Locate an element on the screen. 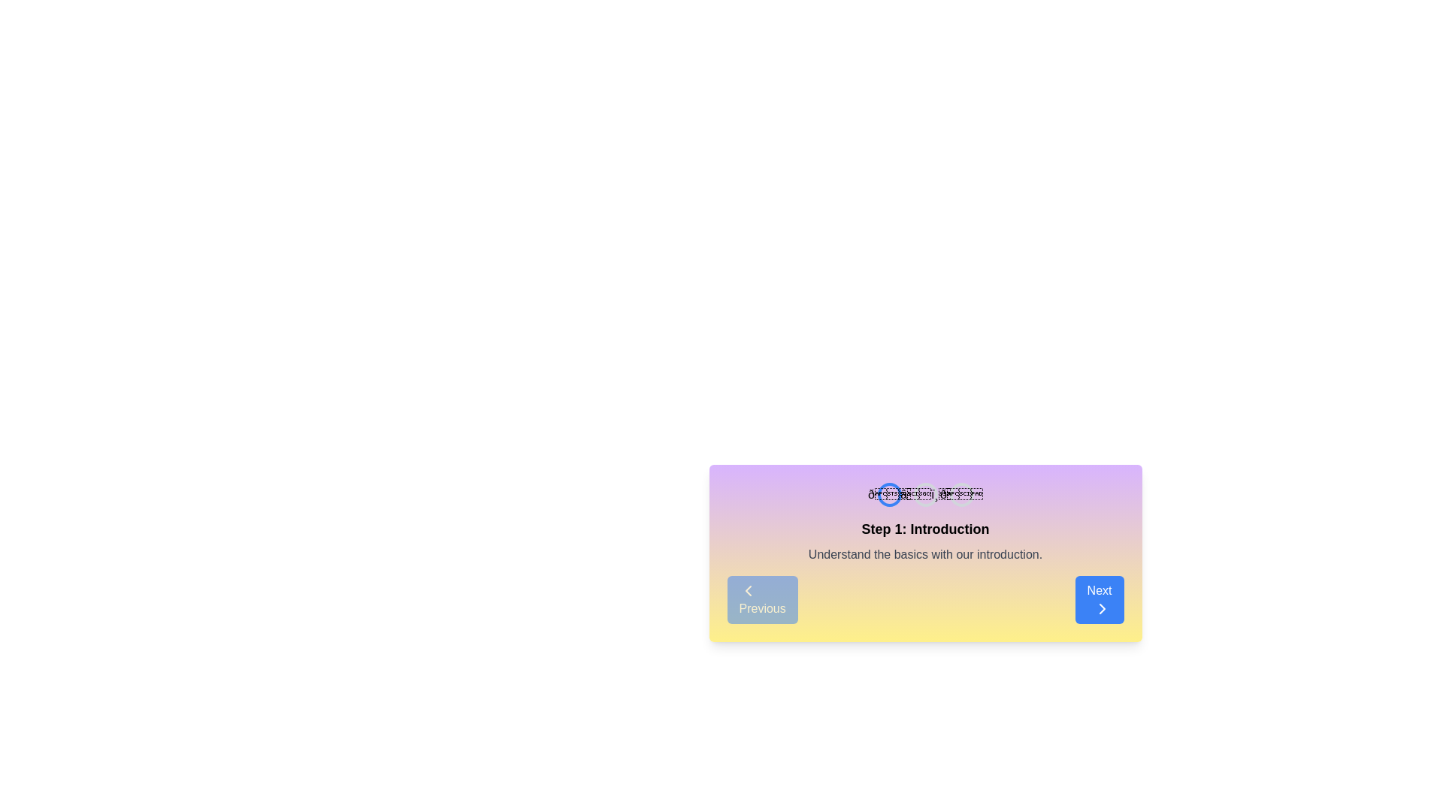 This screenshot has width=1443, height=811. the third circular button in the bottom section of the modal interface, located to the right of the buttons with emojis 📘 and ⚙️ is located at coordinates (960, 495).